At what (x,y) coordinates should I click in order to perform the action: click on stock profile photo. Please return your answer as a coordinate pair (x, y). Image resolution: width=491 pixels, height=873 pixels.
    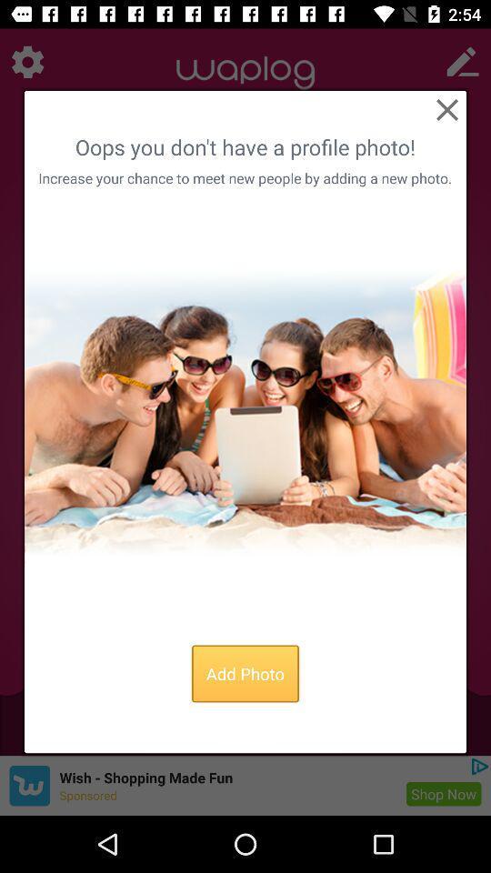
    Looking at the image, I should click on (245, 412).